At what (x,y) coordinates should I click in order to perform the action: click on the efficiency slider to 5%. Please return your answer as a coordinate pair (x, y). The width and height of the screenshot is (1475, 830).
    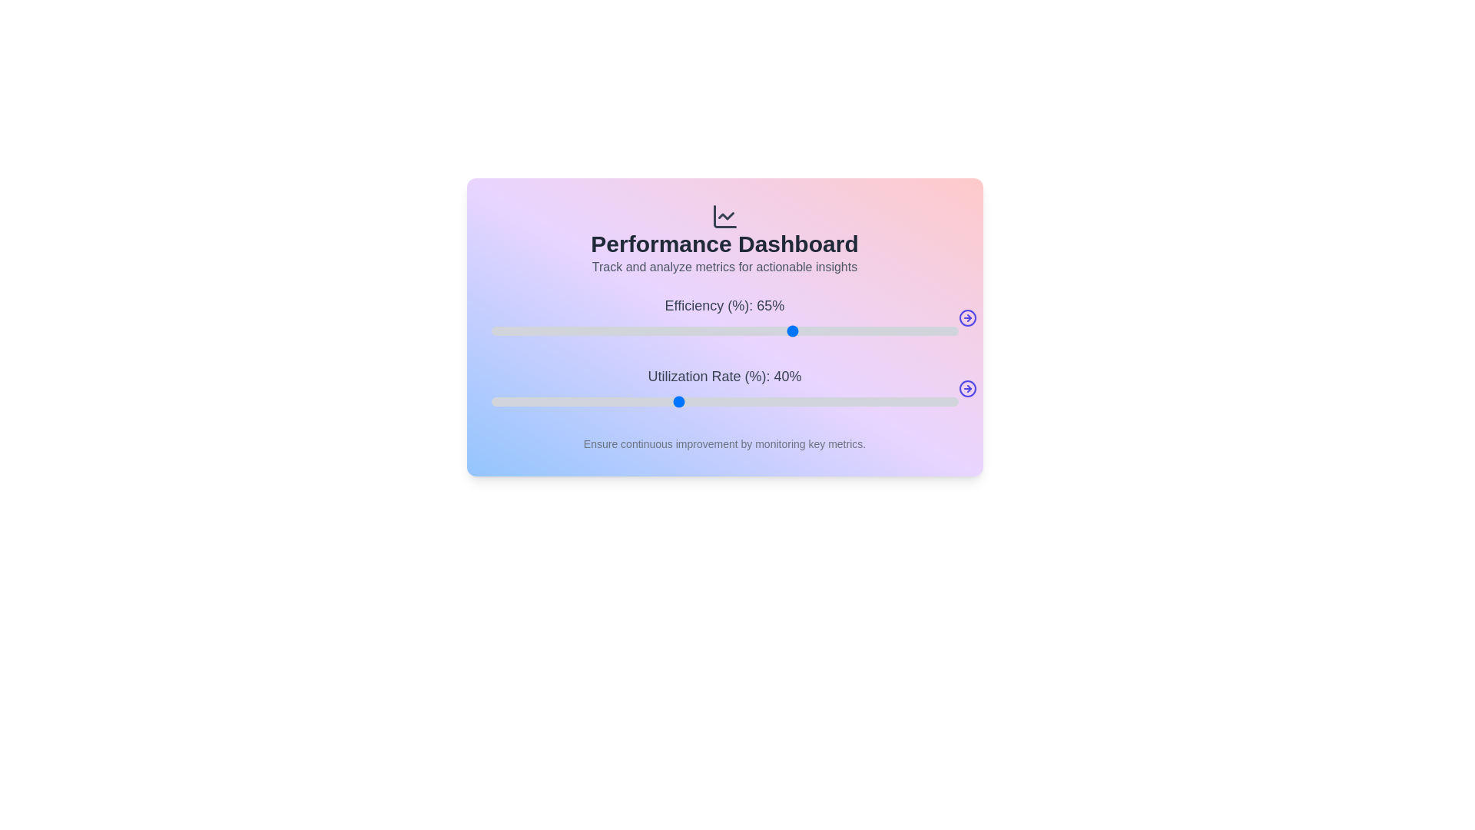
    Looking at the image, I should click on (514, 330).